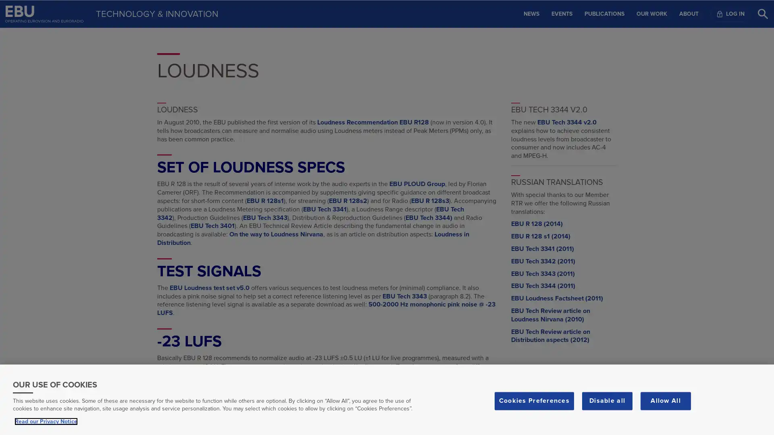 The image size is (774, 435). Describe the element at coordinates (762, 14) in the screenshot. I see `Search` at that location.